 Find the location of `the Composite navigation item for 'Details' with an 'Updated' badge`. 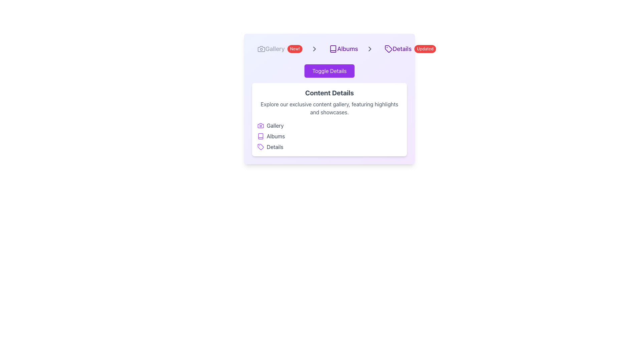

the Composite navigation item for 'Details' with an 'Updated' badge is located at coordinates (410, 48).